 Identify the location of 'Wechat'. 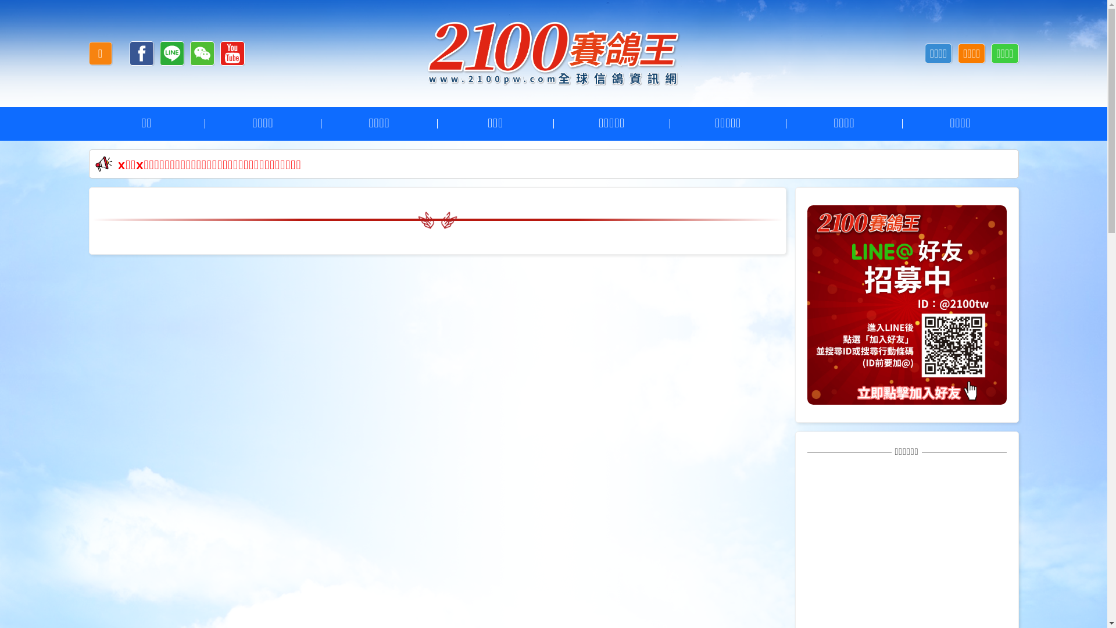
(202, 53).